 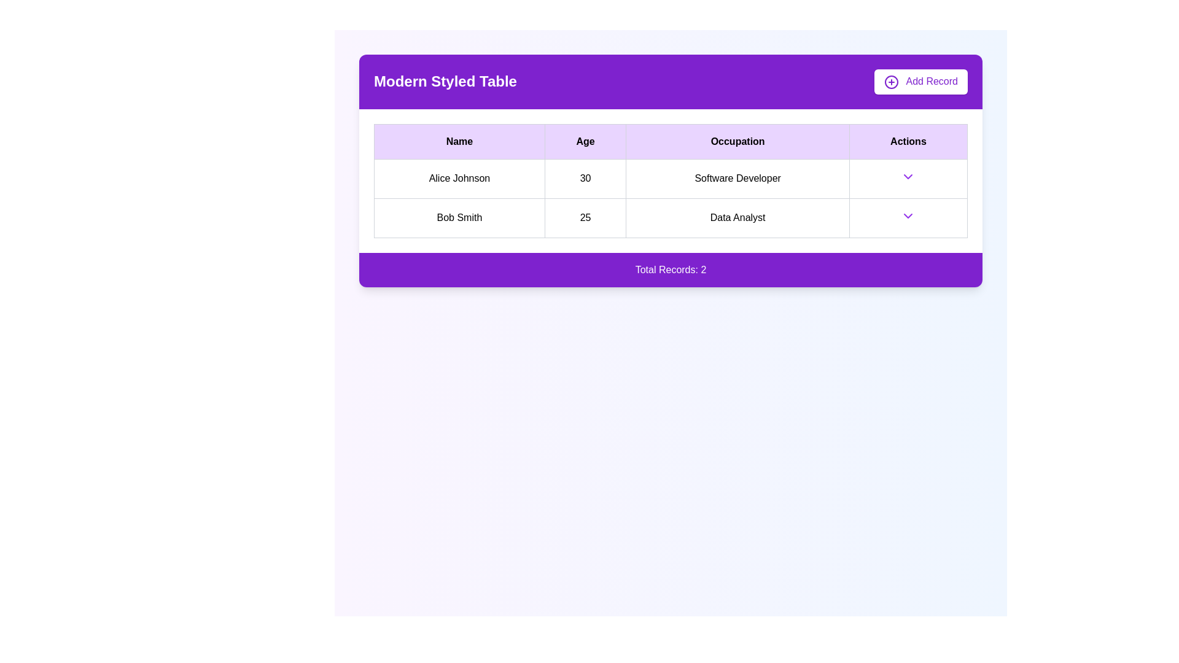 I want to click on the 'Name' column header label at the top-left of the table, which serves as the first column header among others like 'Age,' 'Occupation,' and 'Actions.', so click(x=459, y=141).